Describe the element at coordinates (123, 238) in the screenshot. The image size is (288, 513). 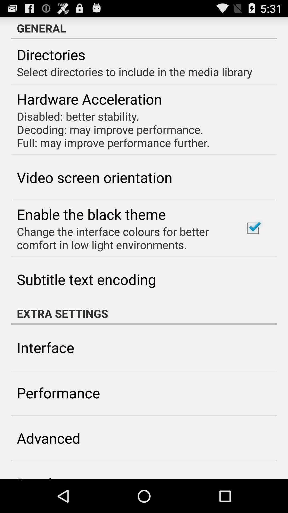
I see `icon above the subtitle text encoding` at that location.